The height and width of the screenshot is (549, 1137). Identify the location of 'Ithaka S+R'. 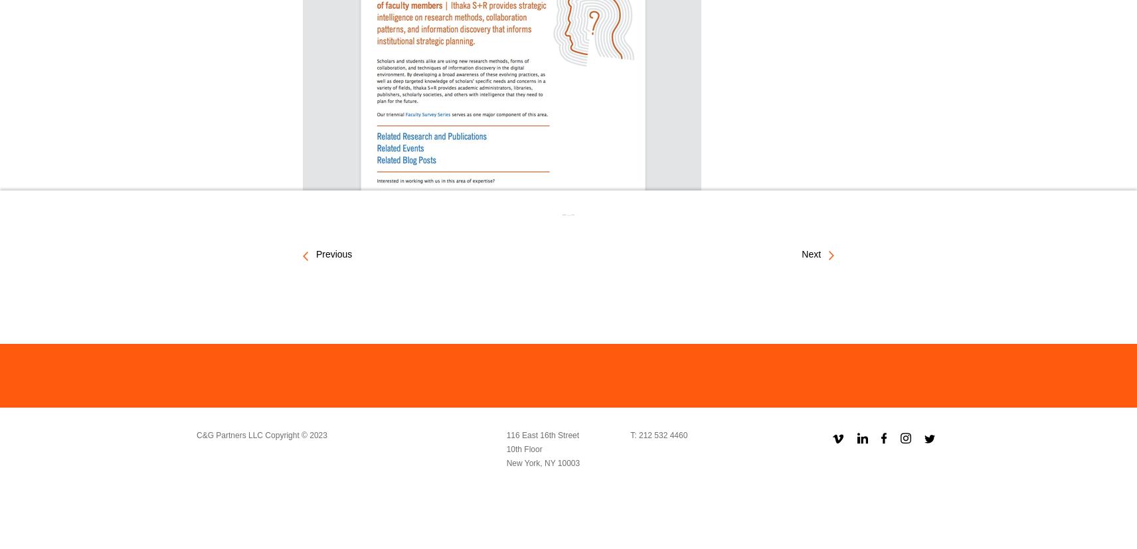
(385, 216).